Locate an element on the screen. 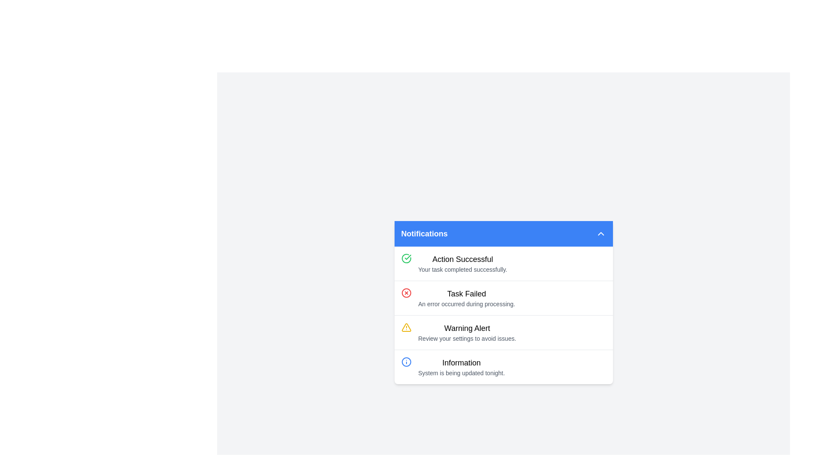  the error icon indicating a 'Task Failed' notification in the 'Notifications' section, positioned to the left of the message is located at coordinates (406, 292).